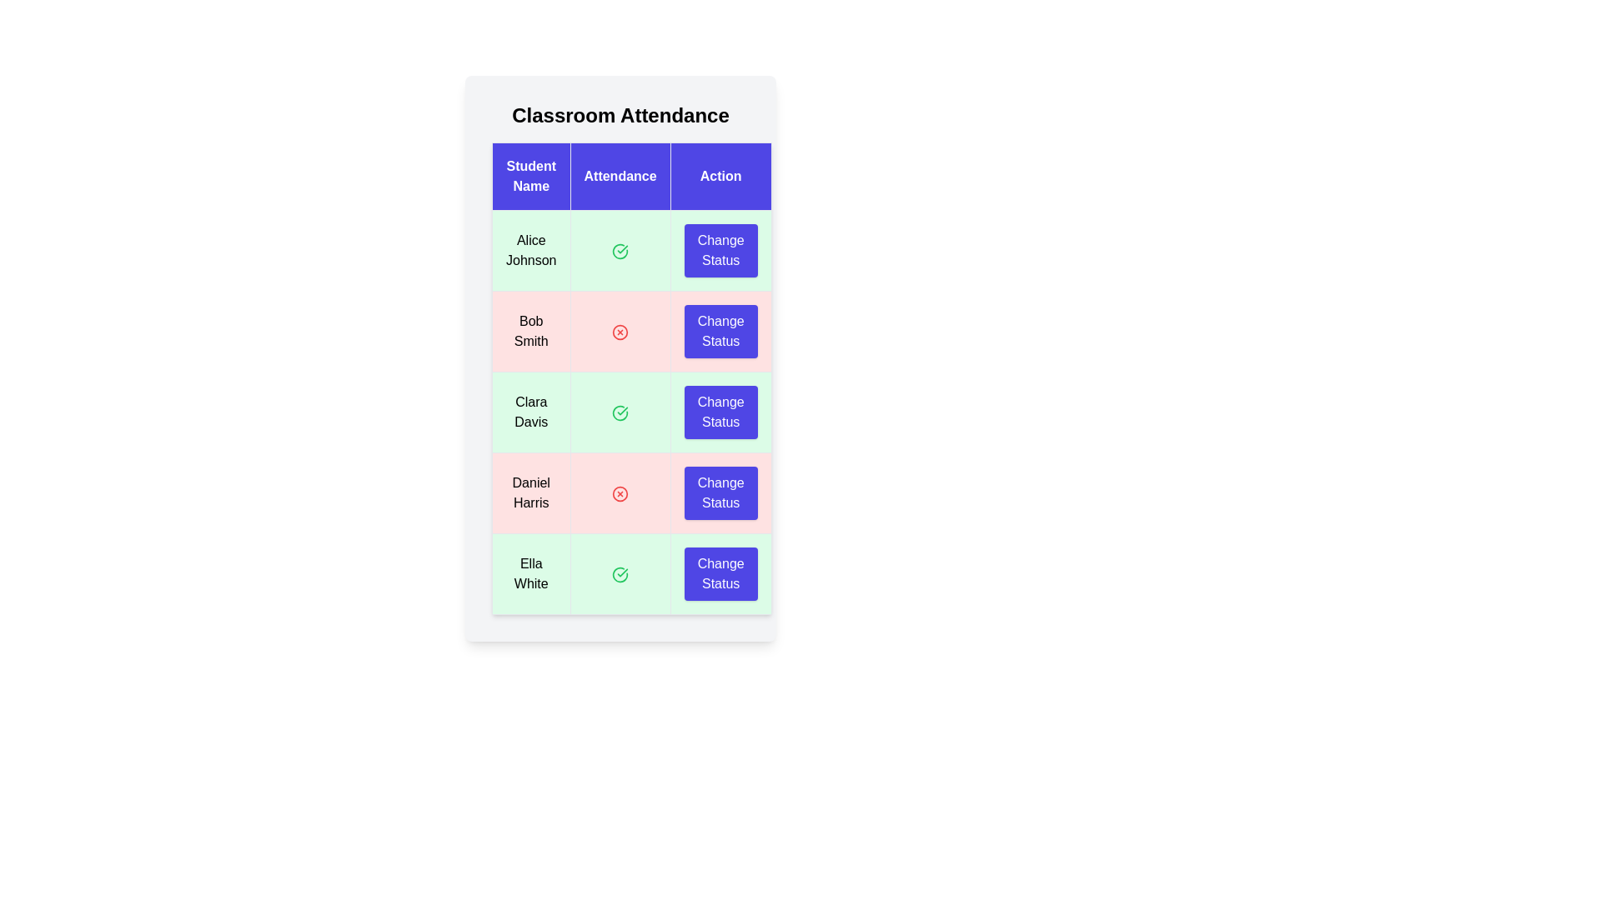 Image resolution: width=1601 pixels, height=900 pixels. I want to click on 'Change Status' button for the student Bob Smith, so click(720, 331).